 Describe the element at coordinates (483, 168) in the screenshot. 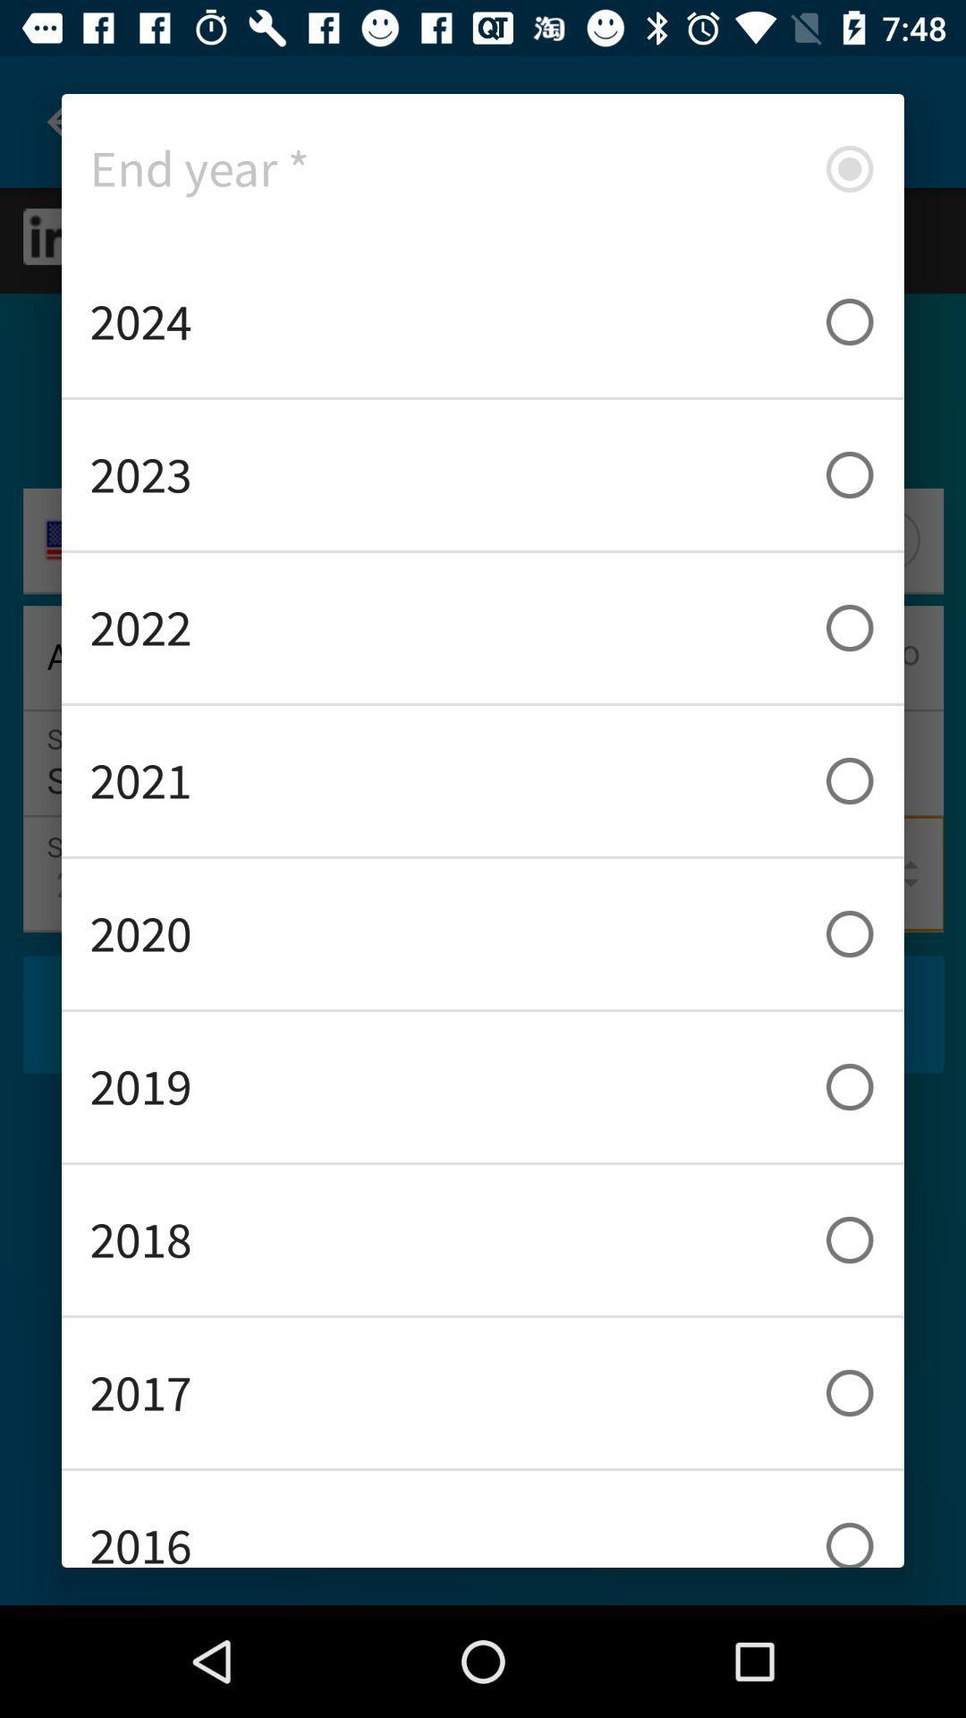

I see `the end year *` at that location.